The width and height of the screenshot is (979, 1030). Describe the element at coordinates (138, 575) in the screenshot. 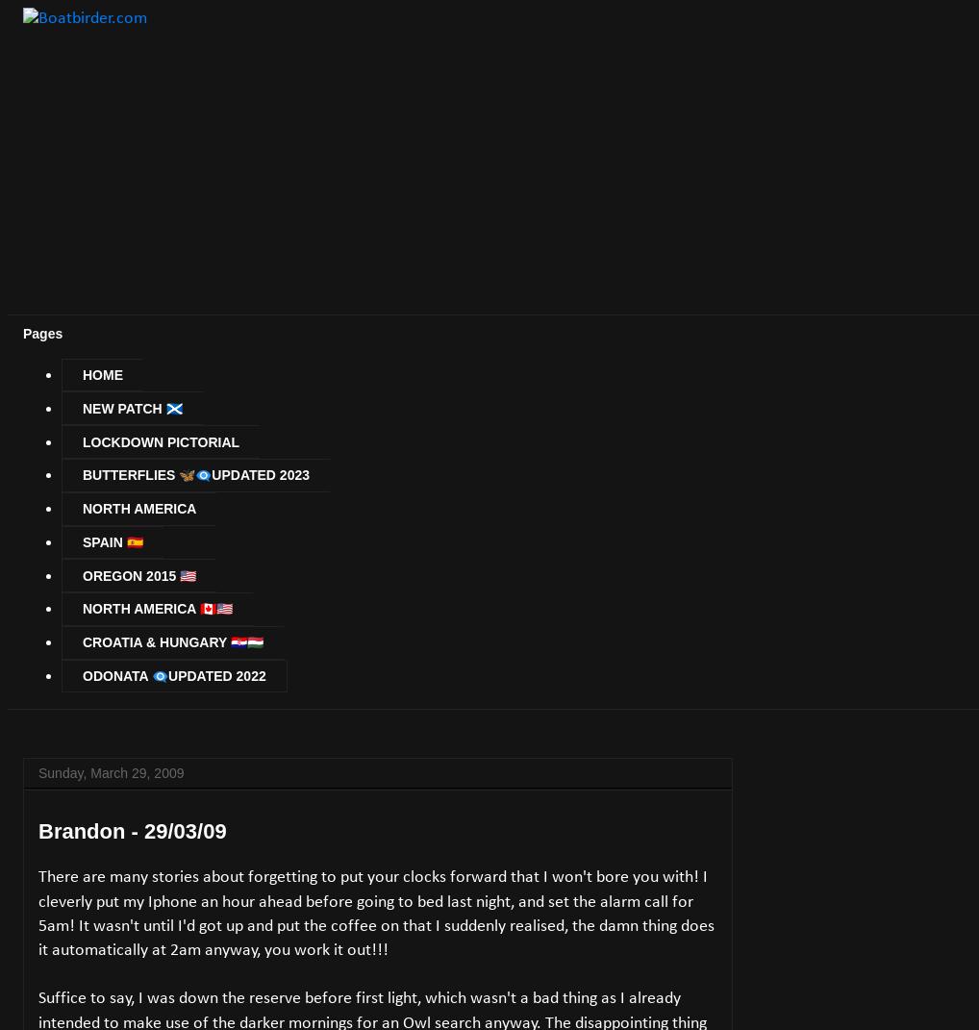

I see `'OREGON 2015 🇺🇸'` at that location.